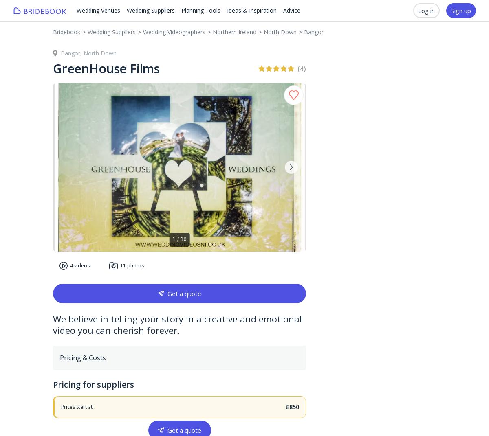 The width and height of the screenshot is (489, 436). Describe the element at coordinates (82, 357) in the screenshot. I see `'Pricing & Costs'` at that location.